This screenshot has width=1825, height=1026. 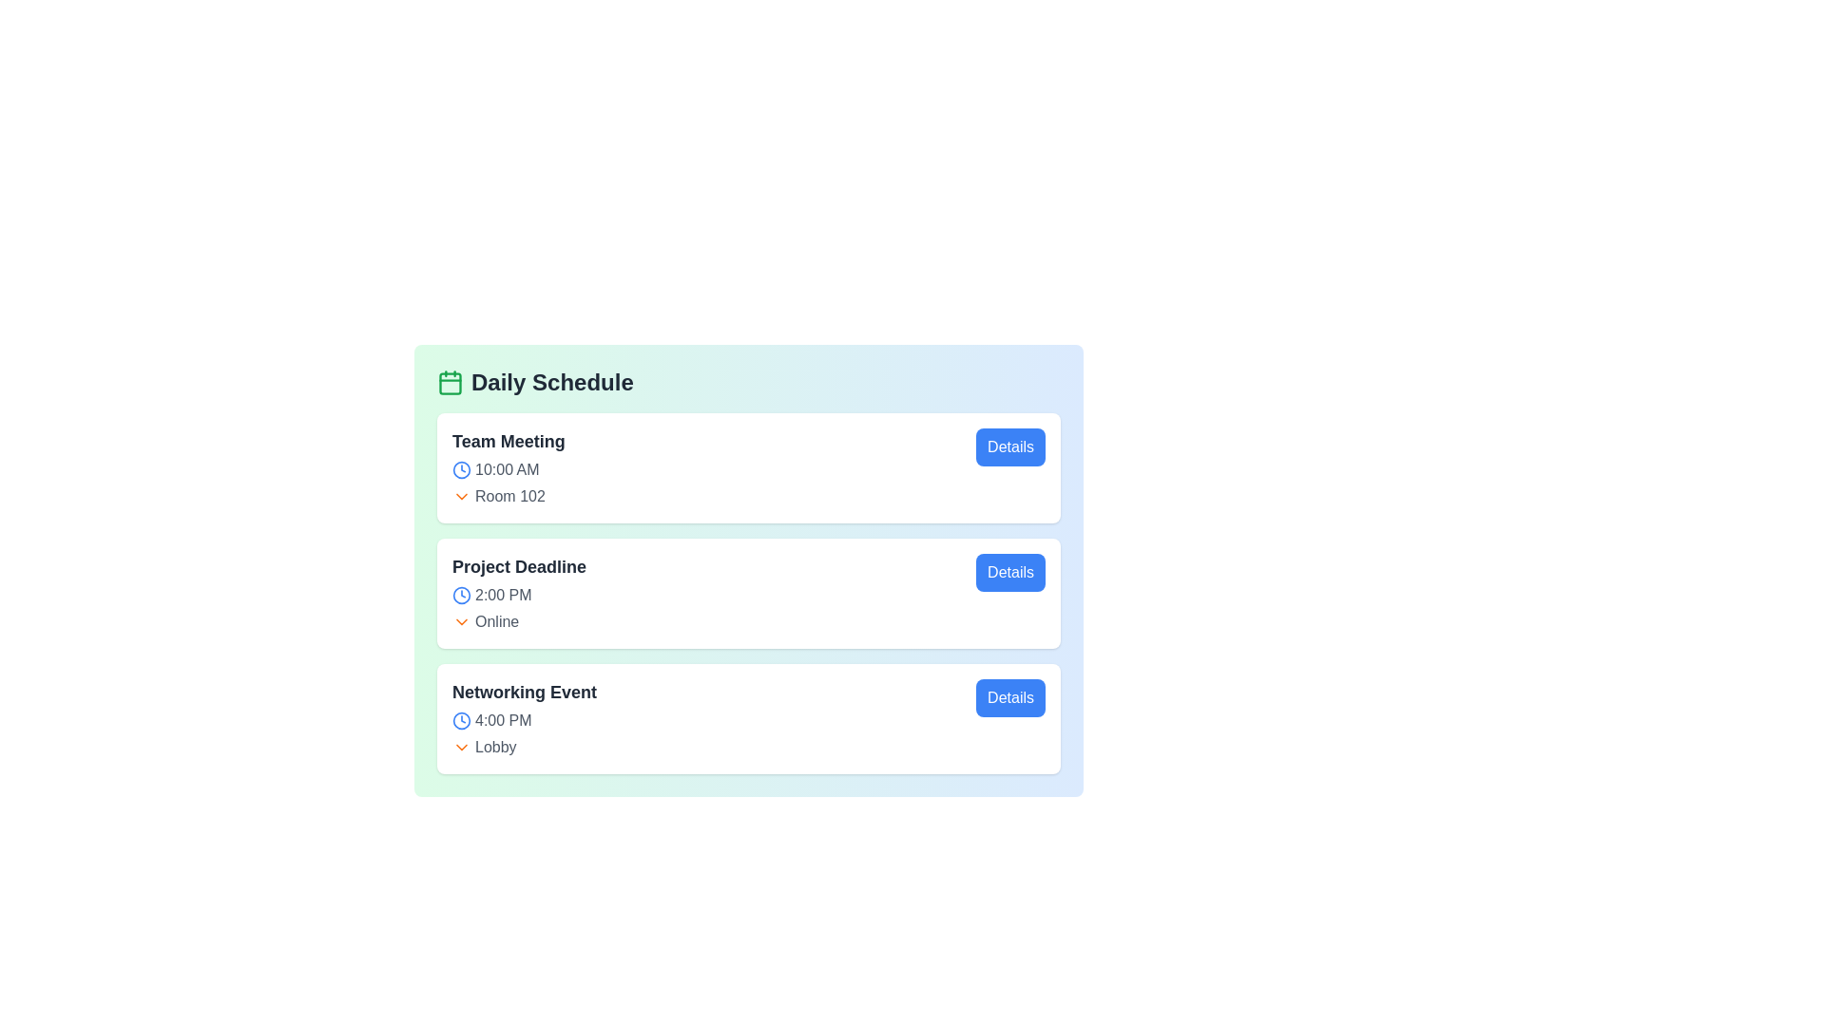 I want to click on the time displayed in the '10:00 AM' text with a clock icon, located under the 'Team Meeting' section of the 'Daily Schedule', so click(x=509, y=469).